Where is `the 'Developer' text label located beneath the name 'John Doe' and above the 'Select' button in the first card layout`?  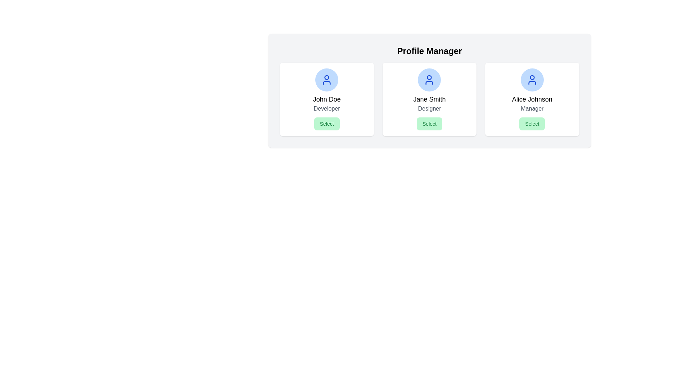 the 'Developer' text label located beneath the name 'John Doe' and above the 'Select' button in the first card layout is located at coordinates (326, 108).